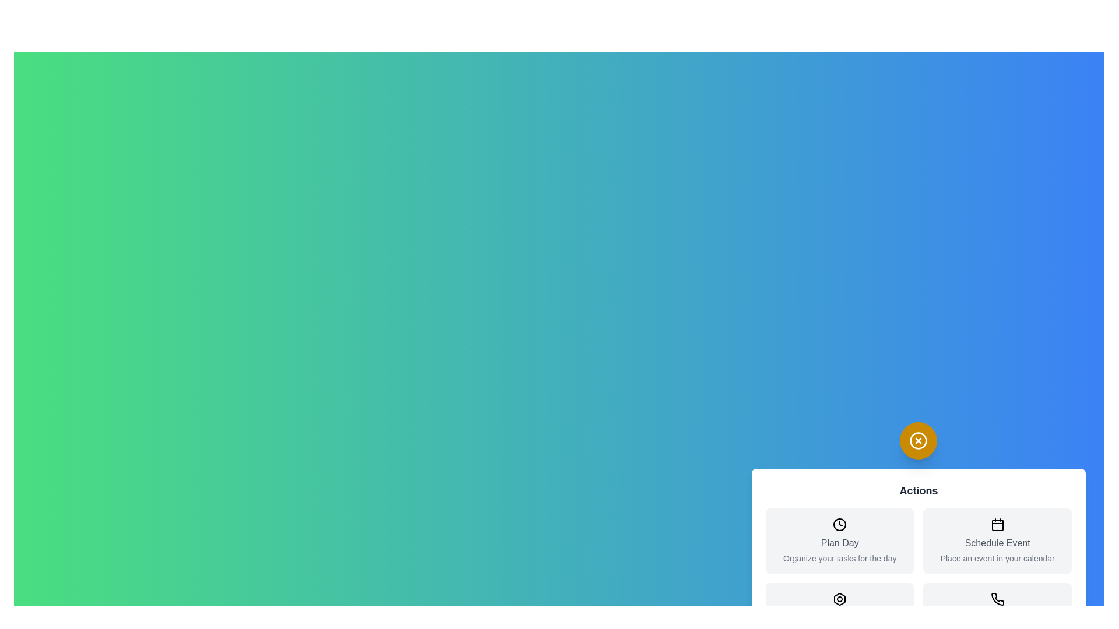 The image size is (1119, 629). Describe the element at coordinates (839, 614) in the screenshot. I see `the action item Quick Access from the menu` at that location.